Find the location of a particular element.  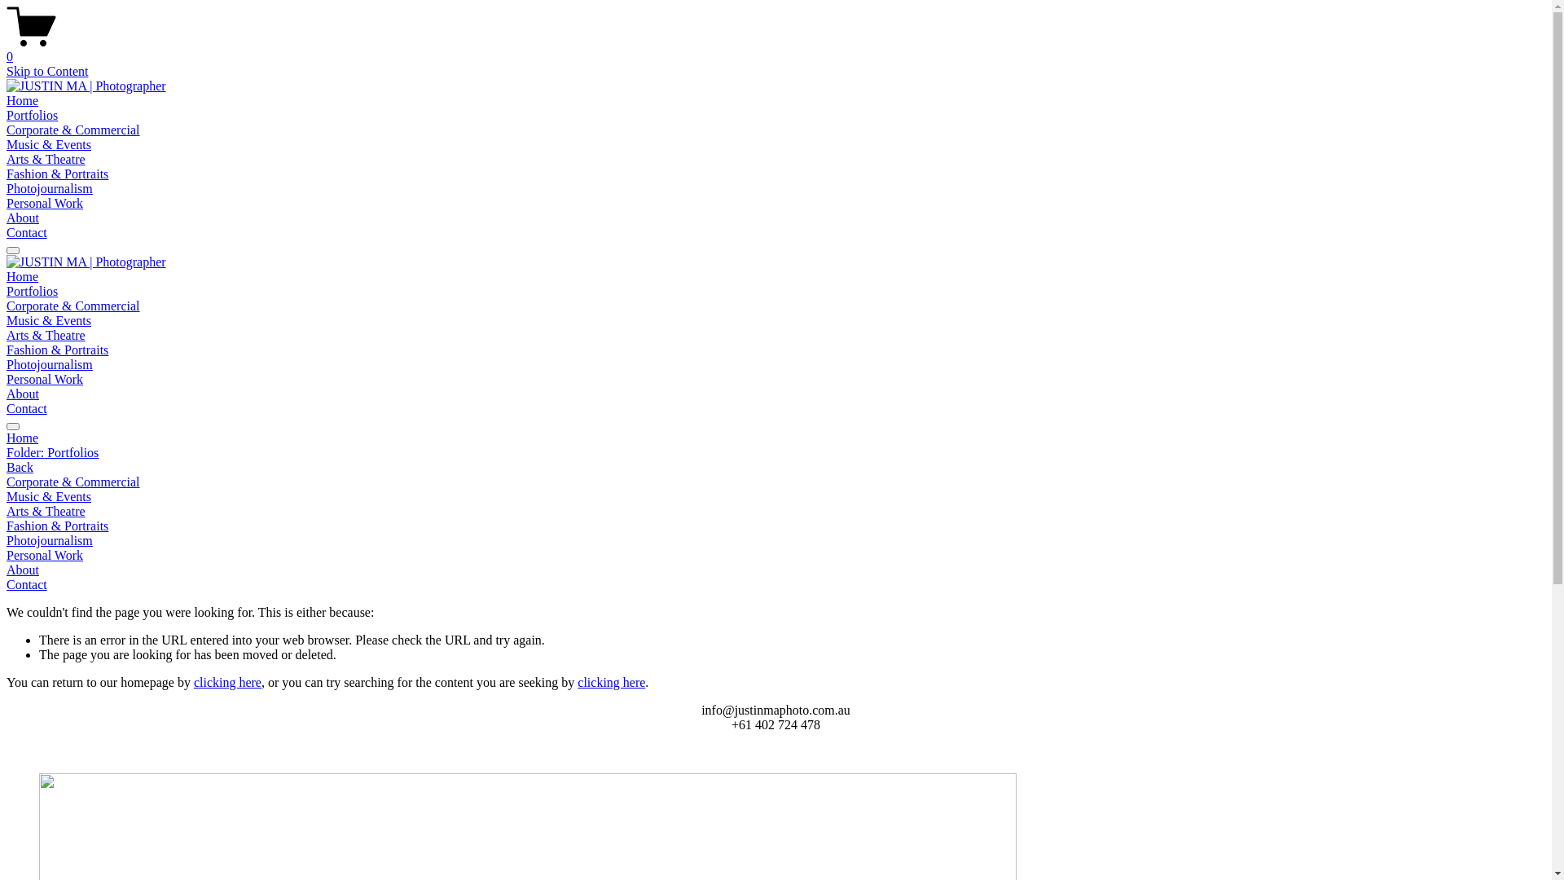

'Fashion & Portraits' is located at coordinates (57, 174).